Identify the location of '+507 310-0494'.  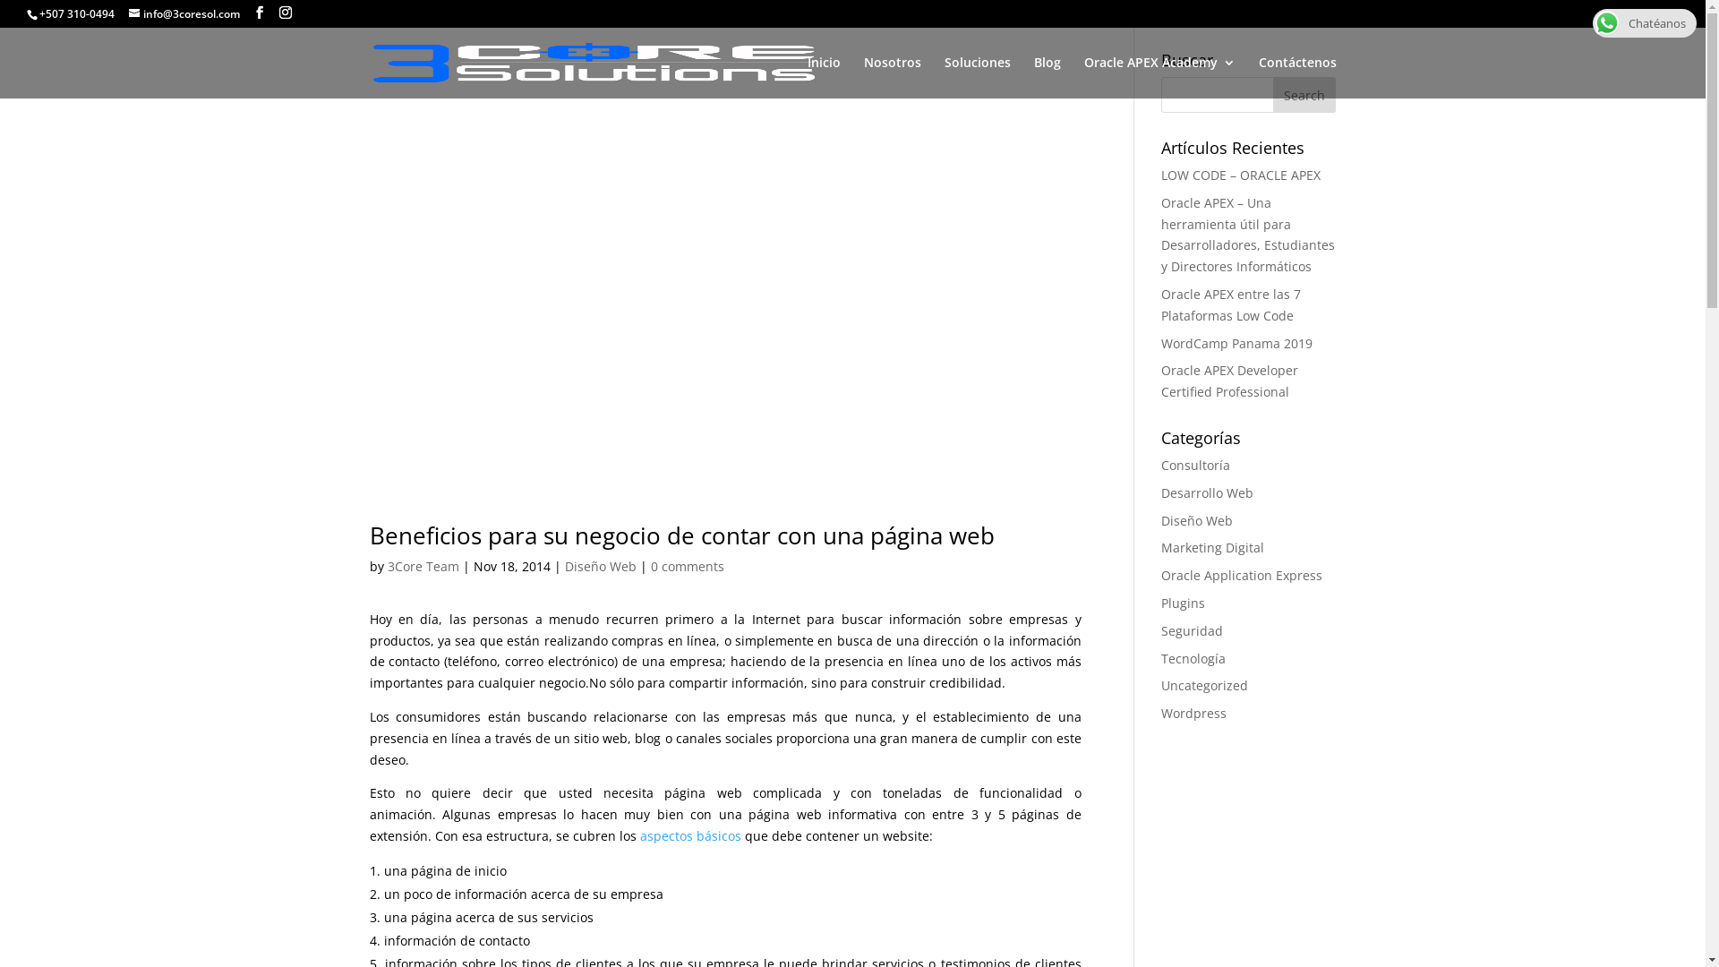
(38, 13).